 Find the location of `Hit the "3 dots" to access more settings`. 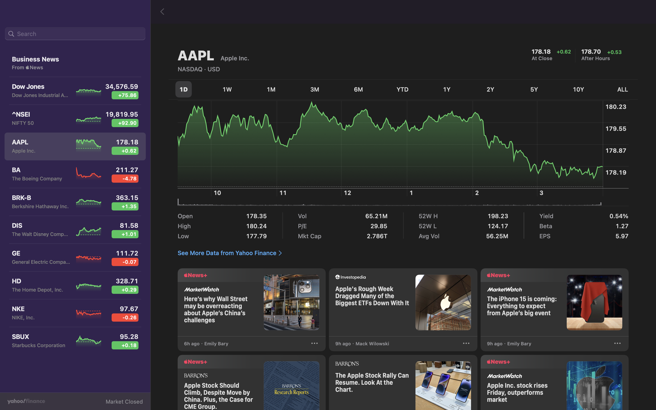

Hit the "3 dots" to access more settings is located at coordinates (617, 344).